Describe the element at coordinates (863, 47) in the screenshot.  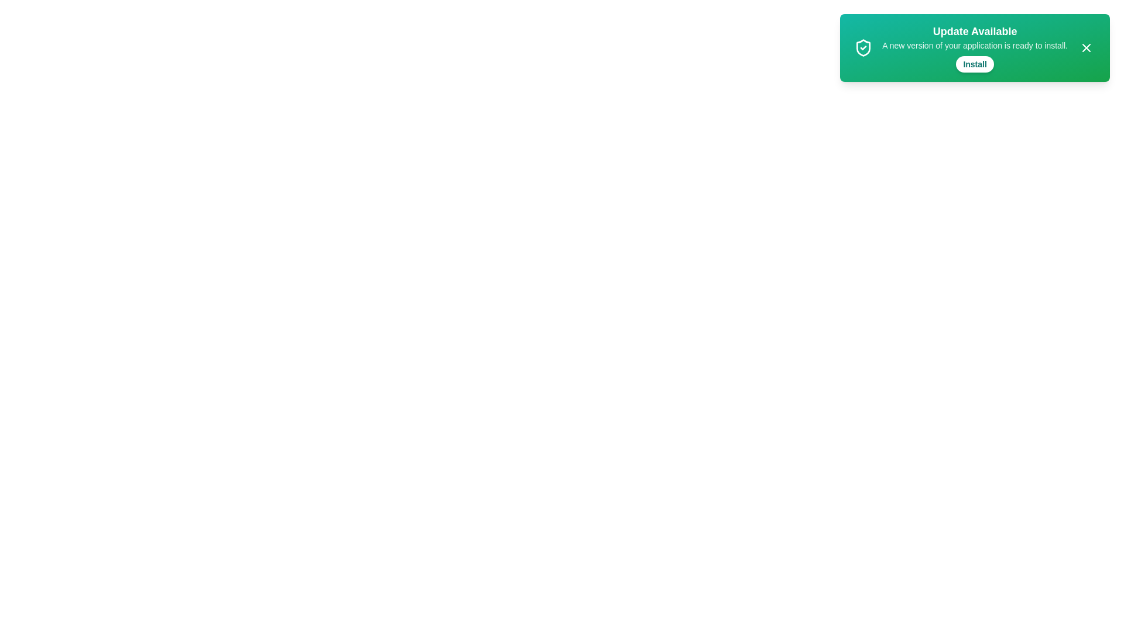
I see `the shield icon in the snackbar` at that location.